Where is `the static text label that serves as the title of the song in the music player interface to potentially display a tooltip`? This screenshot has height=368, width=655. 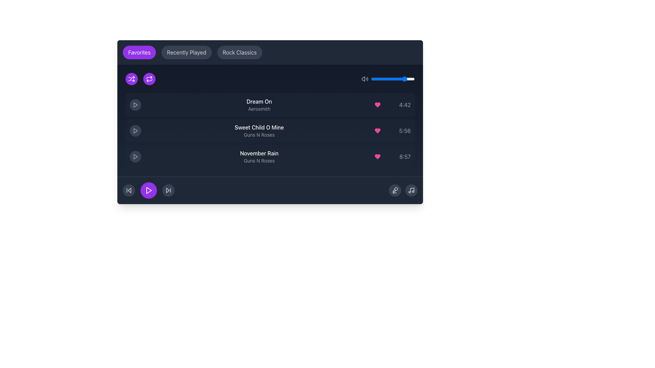 the static text label that serves as the title of the song in the music player interface to potentially display a tooltip is located at coordinates (259, 101).